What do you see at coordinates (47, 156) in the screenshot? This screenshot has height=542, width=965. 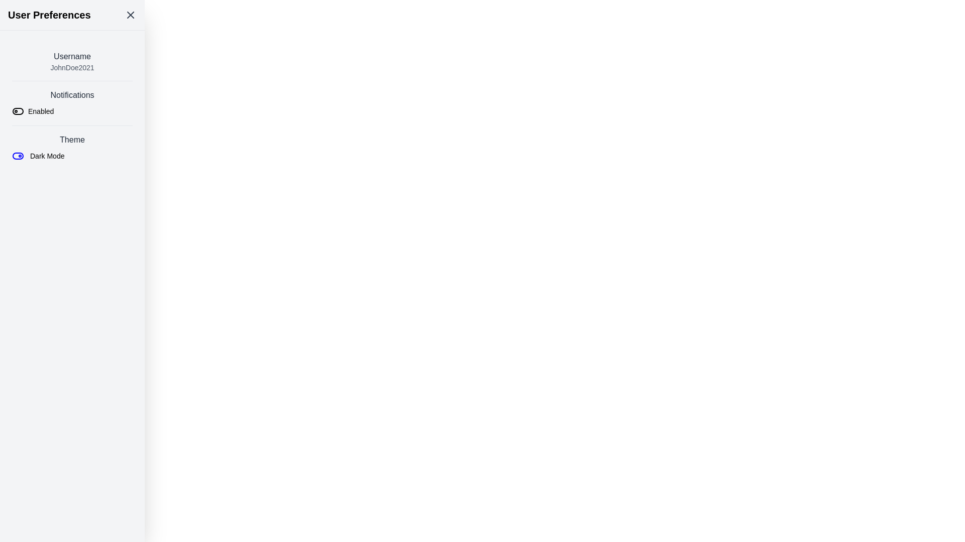 I see `the 'Dark Mode' text label which is positioned adjacent to the toggle switch icon in the 'Theme' section of the settings list` at bounding box center [47, 156].